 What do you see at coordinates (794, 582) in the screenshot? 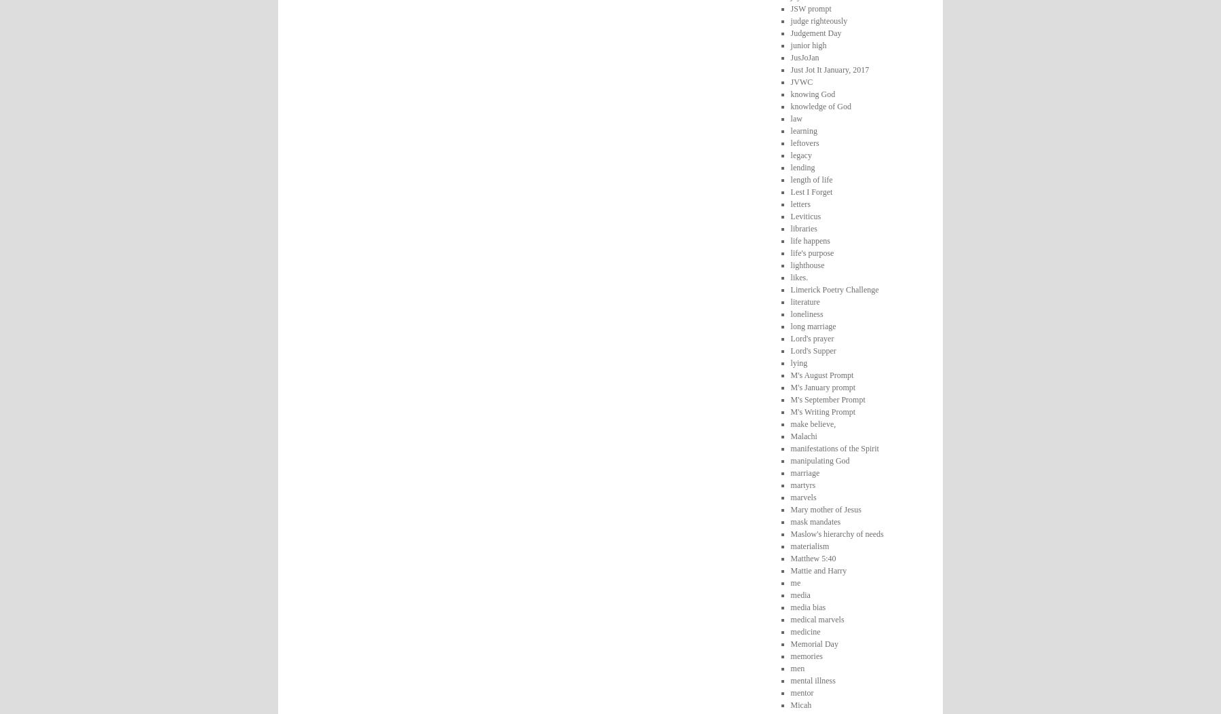
I see `'me'` at bounding box center [794, 582].